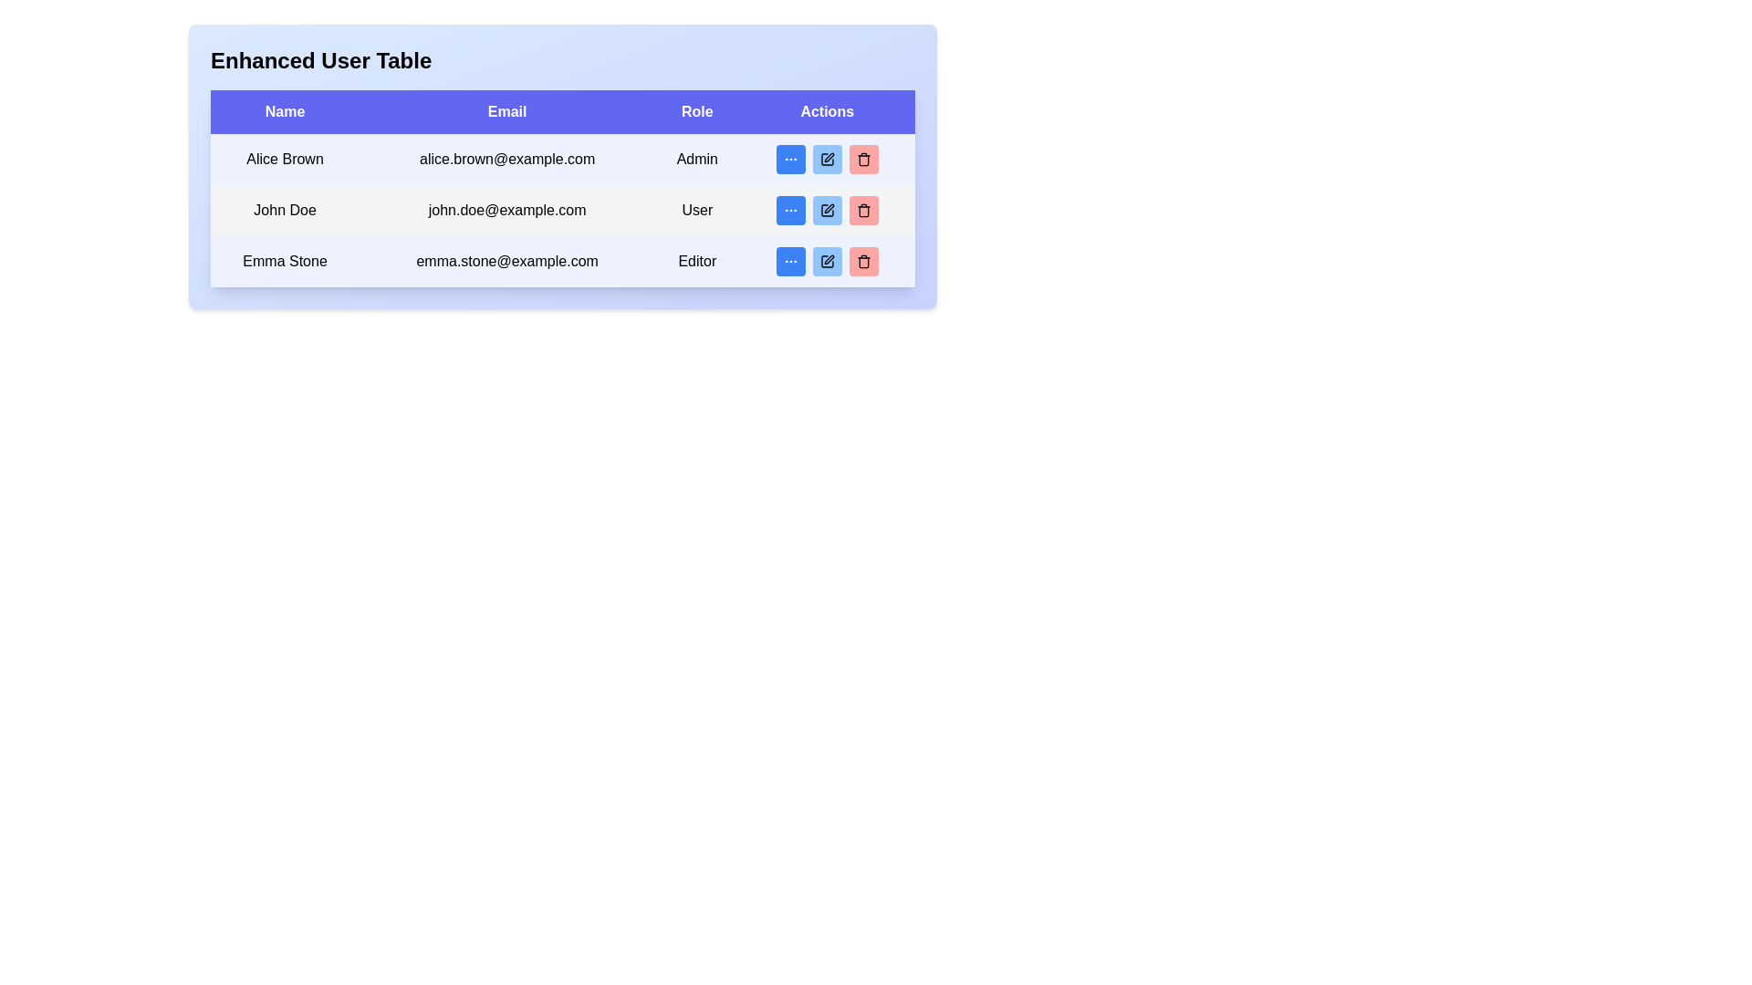  Describe the element at coordinates (507, 210) in the screenshot. I see `the non-interactive text label displaying the email address for the user 'John Doe', located in the second row of the table under the email header` at that location.